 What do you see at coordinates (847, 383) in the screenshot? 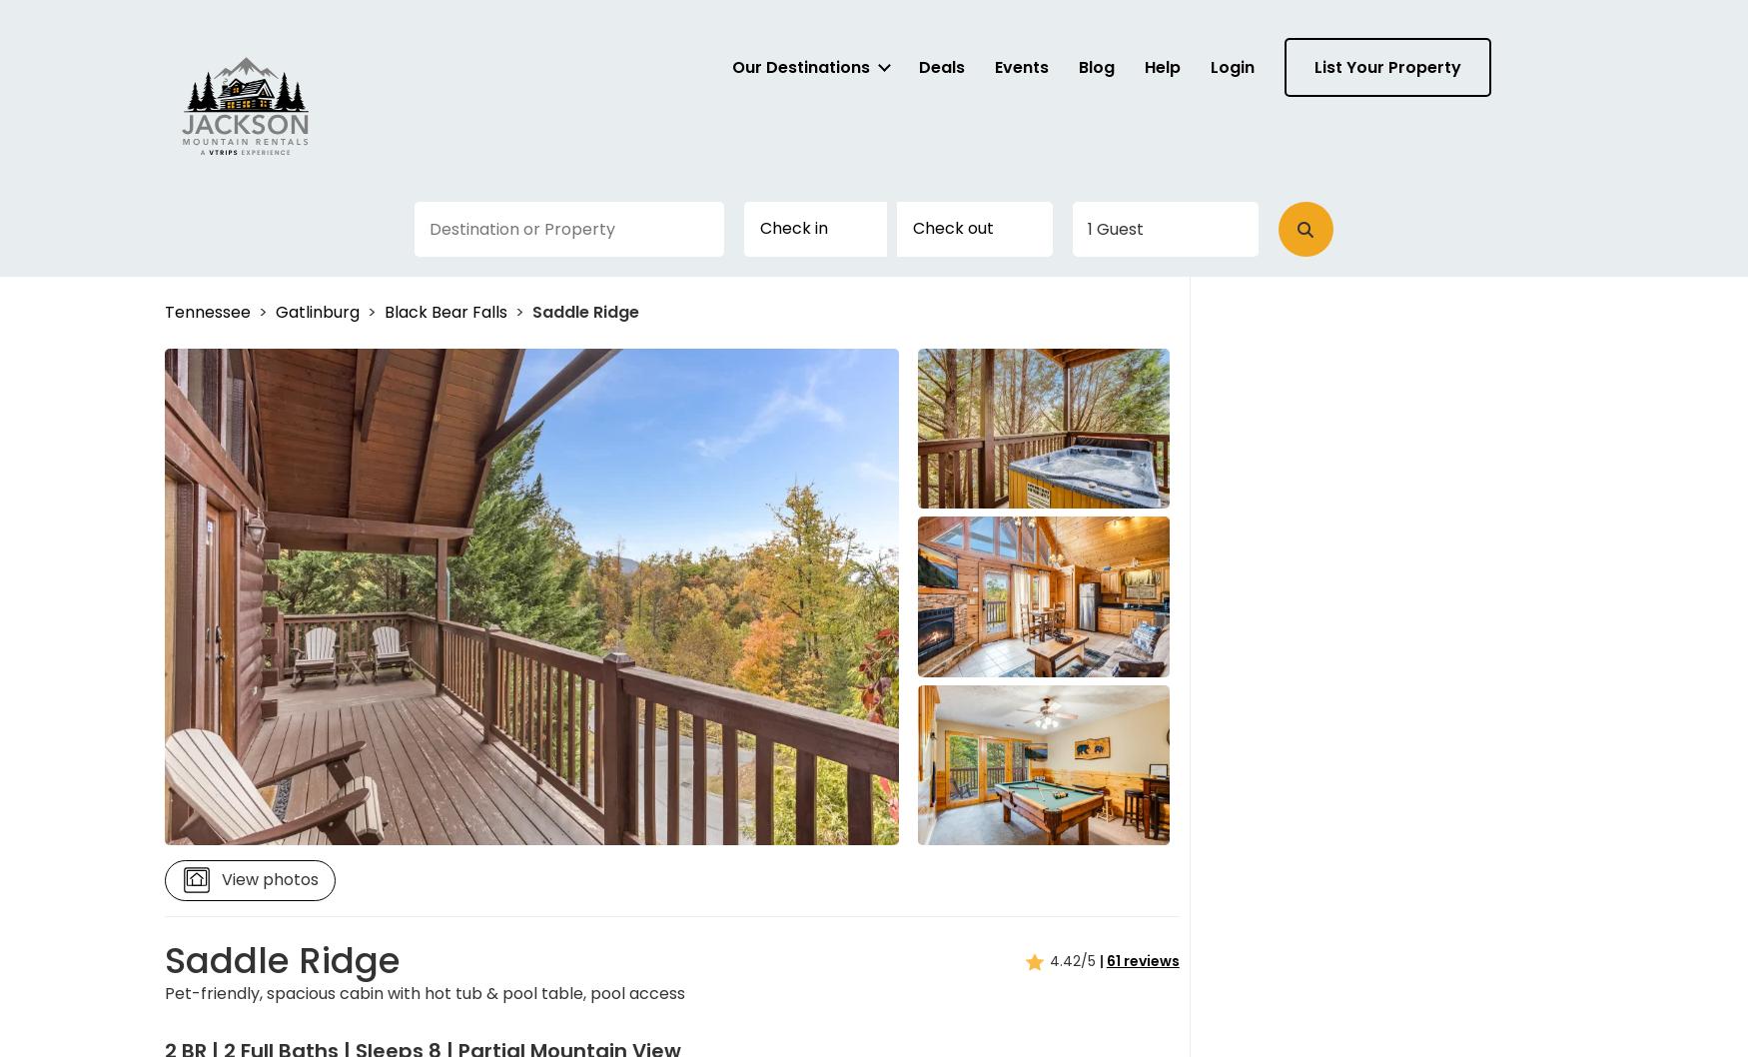
I see `'and'` at bounding box center [847, 383].